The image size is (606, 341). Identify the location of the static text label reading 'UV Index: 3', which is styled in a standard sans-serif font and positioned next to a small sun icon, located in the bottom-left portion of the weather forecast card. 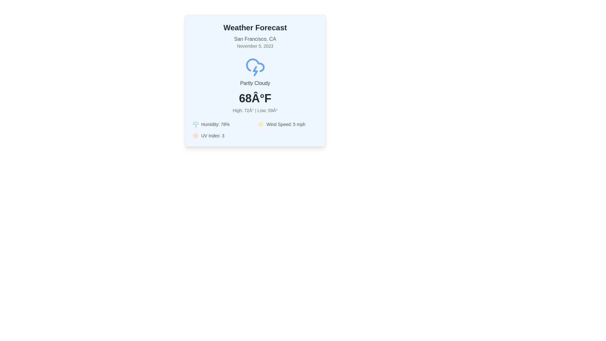
(213, 135).